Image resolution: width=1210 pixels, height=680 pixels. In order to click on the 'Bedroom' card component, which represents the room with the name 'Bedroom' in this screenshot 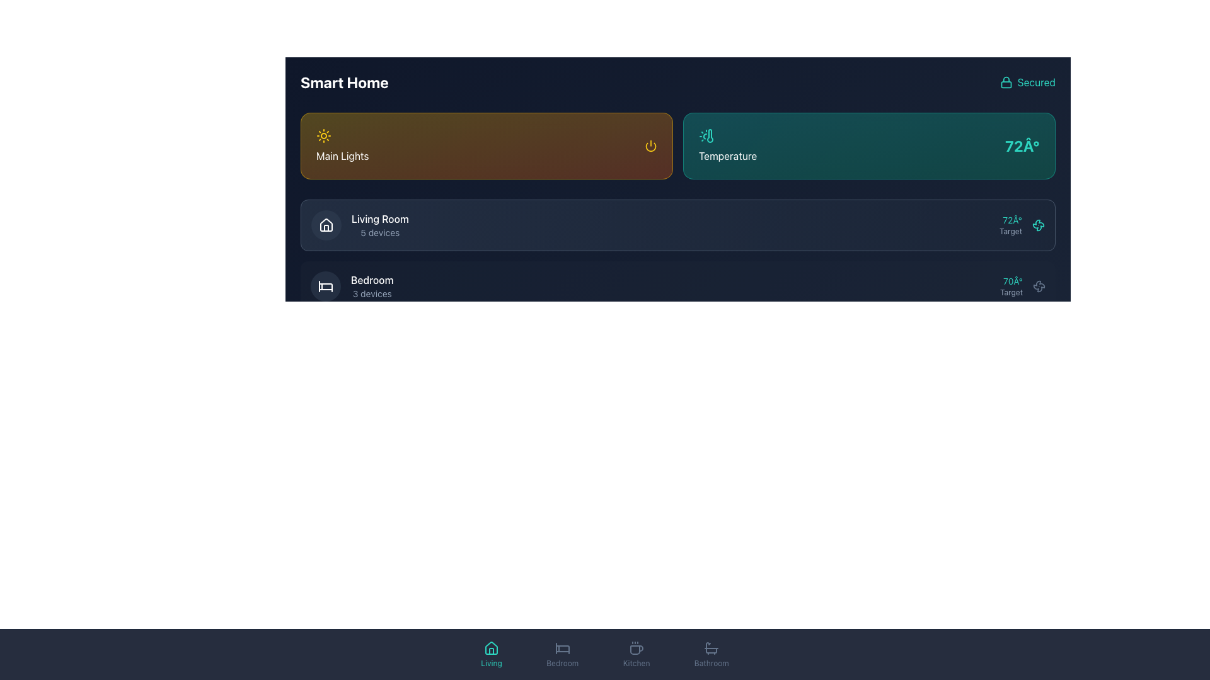, I will do `click(677, 286)`.